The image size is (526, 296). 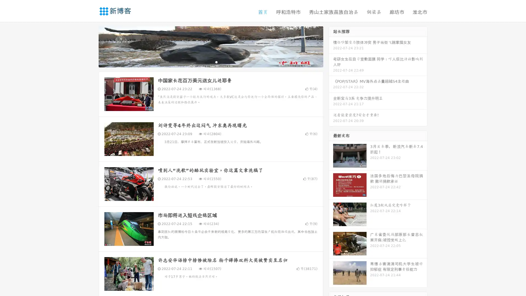 I want to click on Go to slide 2, so click(x=210, y=62).